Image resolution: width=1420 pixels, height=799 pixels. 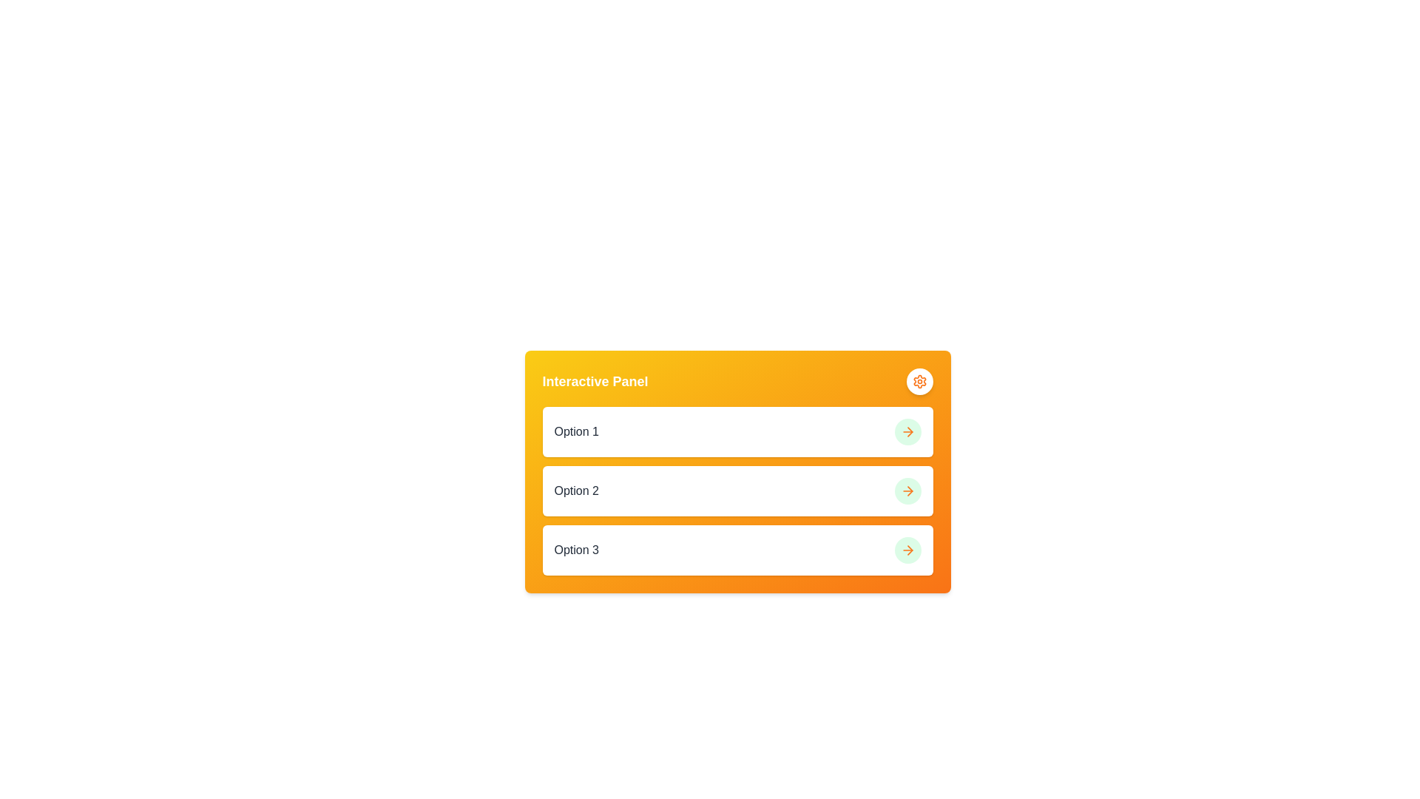 What do you see at coordinates (907, 490) in the screenshot?
I see `the Icon Button located on the middle of the right side of the second option row within the panel` at bounding box center [907, 490].